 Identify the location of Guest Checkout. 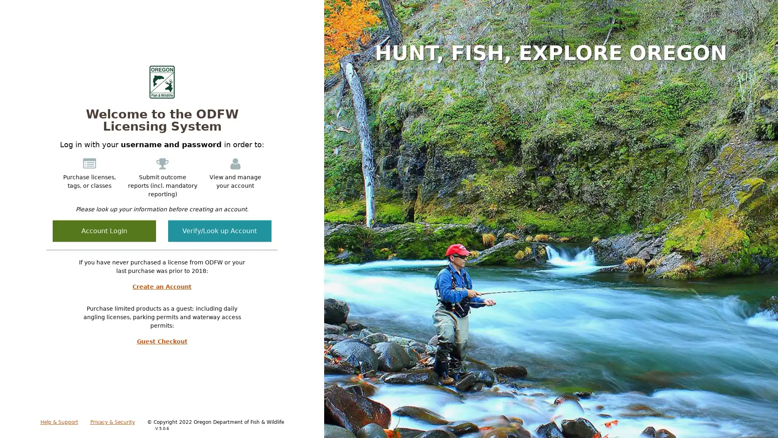
(162, 341).